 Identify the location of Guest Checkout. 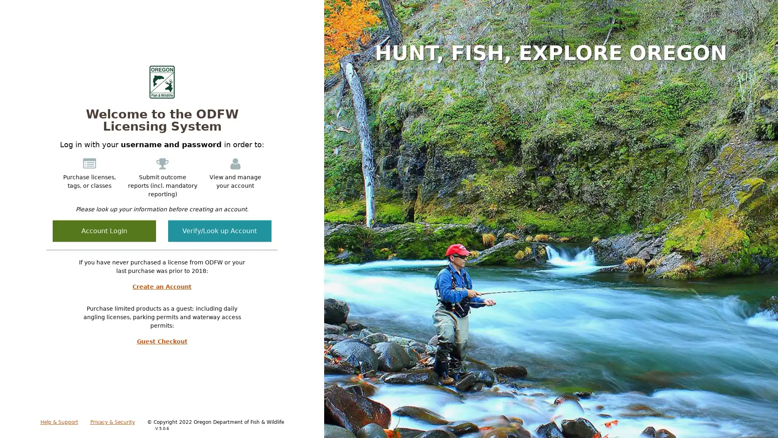
(162, 341).